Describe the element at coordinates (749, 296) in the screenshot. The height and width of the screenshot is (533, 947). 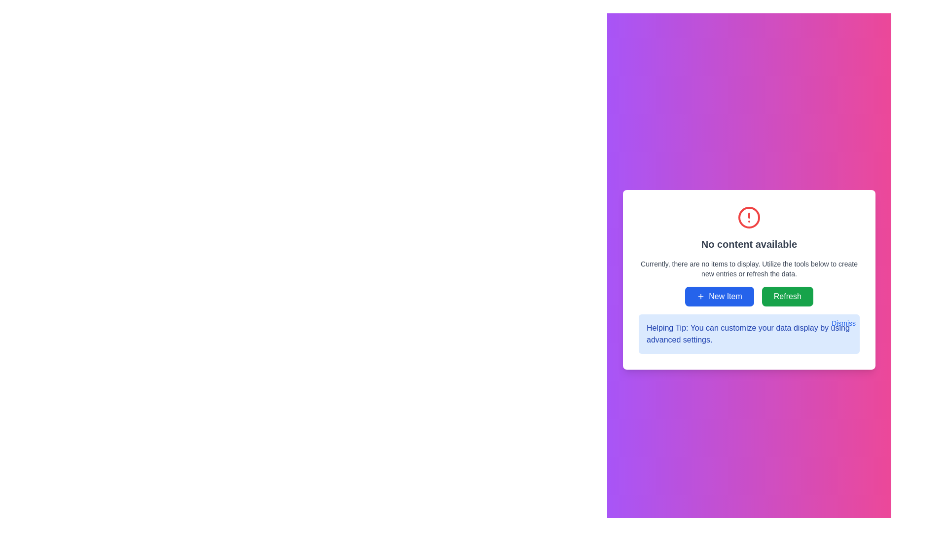
I see `the 'New Item' button, which is the blue button with white text and a plus sign icon, located in the Horizontal Button Group at the center of the white card` at that location.